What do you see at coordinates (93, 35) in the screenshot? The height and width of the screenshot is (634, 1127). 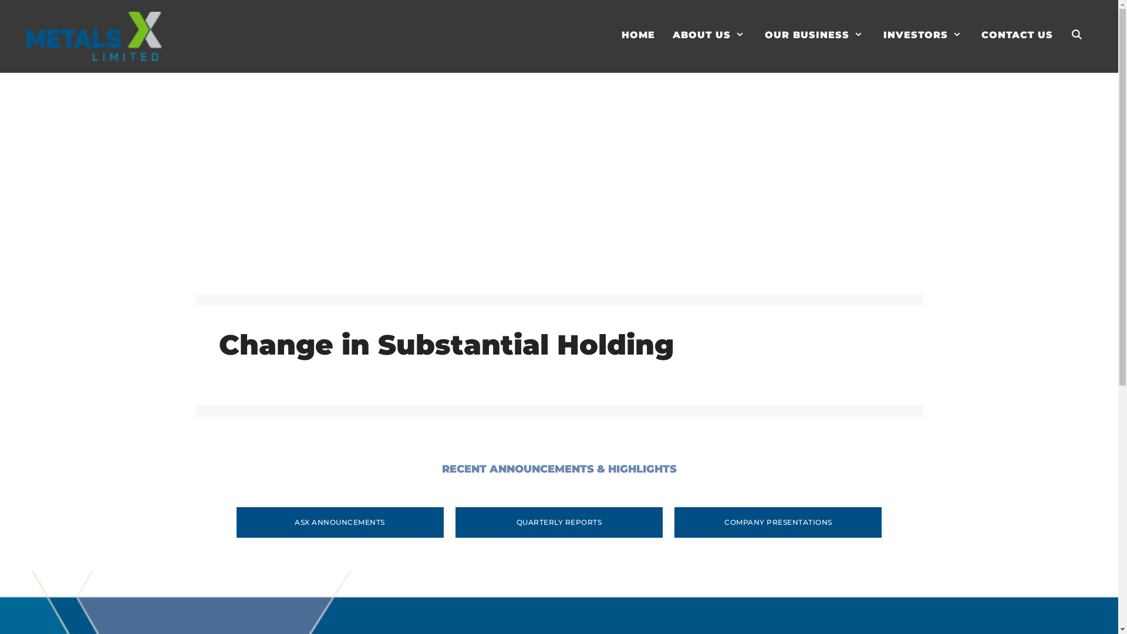 I see `'Metals X Limited'` at bounding box center [93, 35].